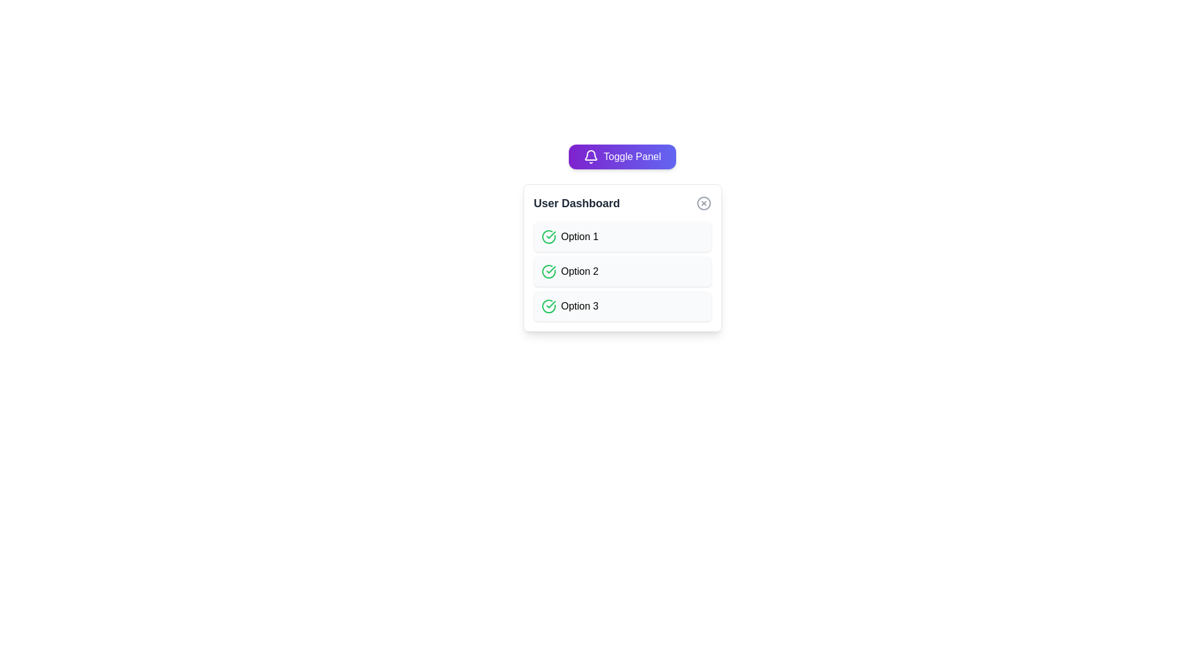 The height and width of the screenshot is (670, 1191). I want to click on the 'Toggle Panel' button, which is a horizontally oriented button with a gradient background from purple to indigo, featuring a white bell icon and white text, located above the 'User Dashboard' section, so click(622, 156).